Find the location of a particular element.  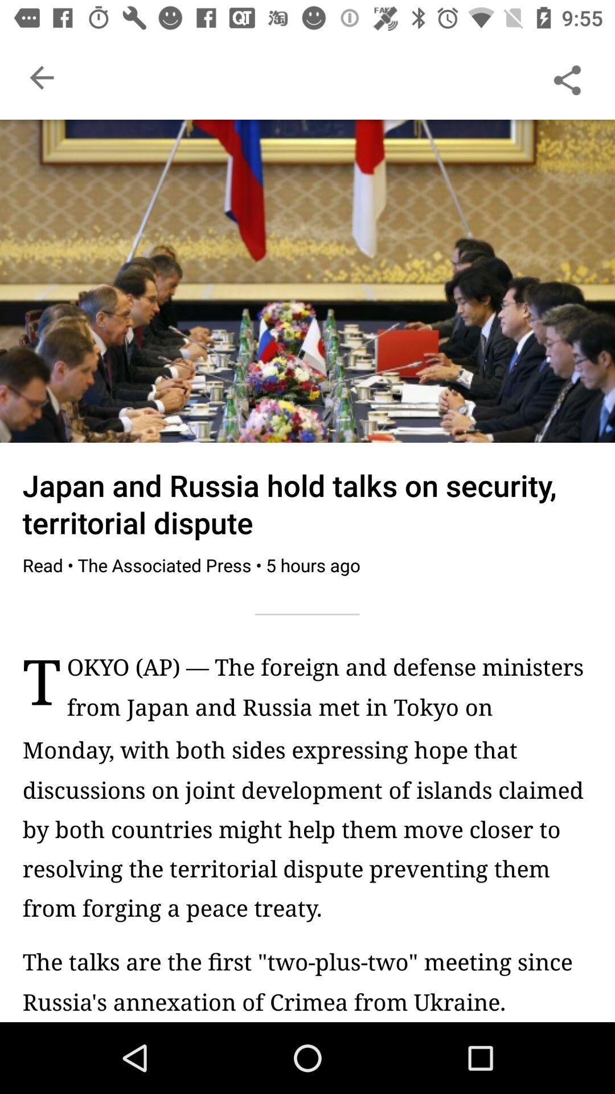

the the talks are item is located at coordinates (307, 981).